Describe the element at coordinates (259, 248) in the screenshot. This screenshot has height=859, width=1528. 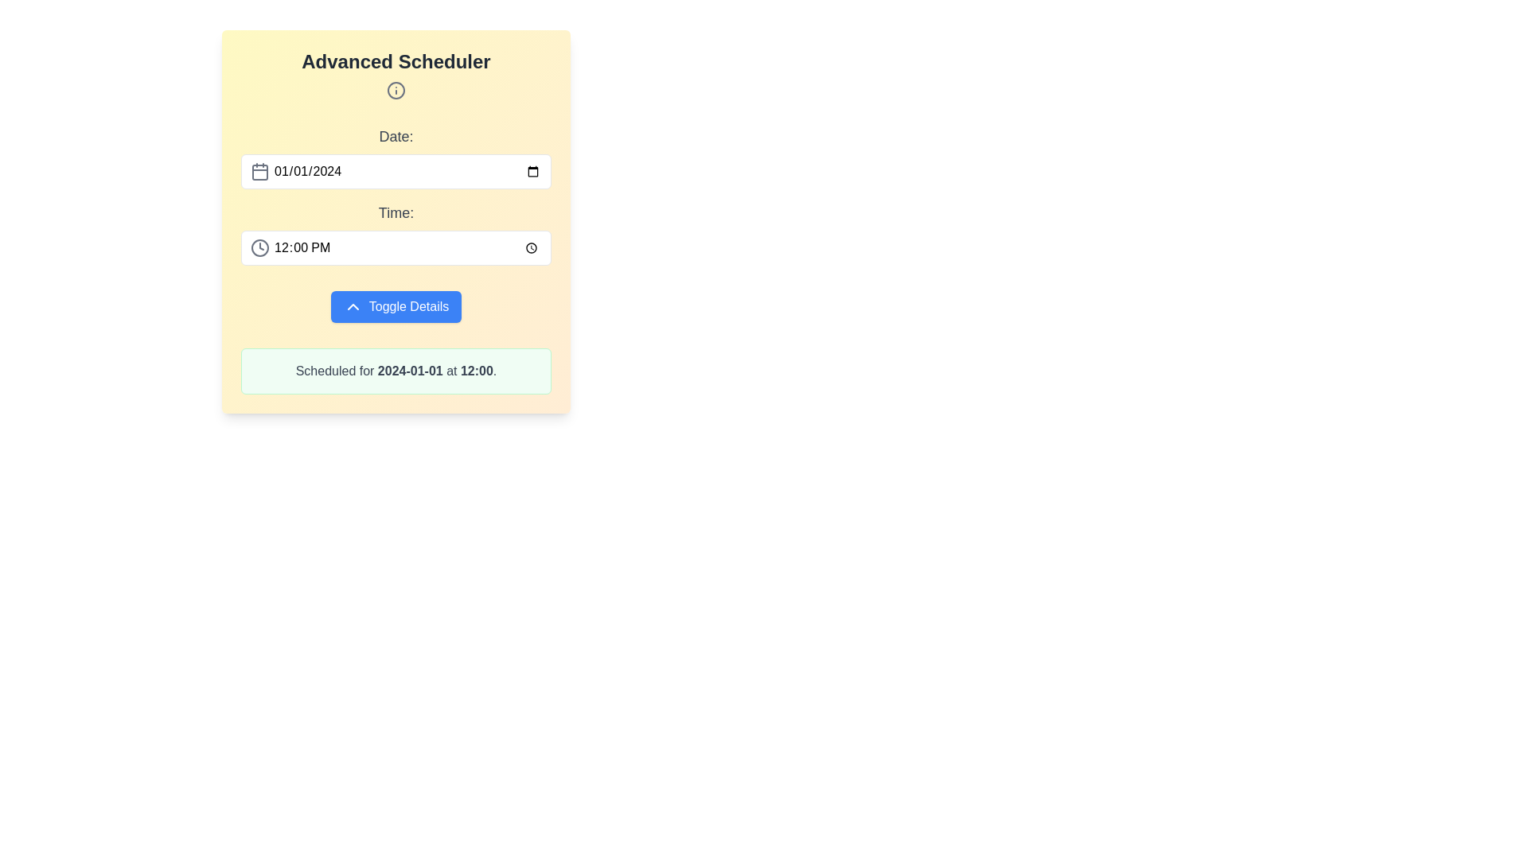
I see `the circular clock icon located to the left of the '12:00 PM' time input field within its white card interface` at that location.